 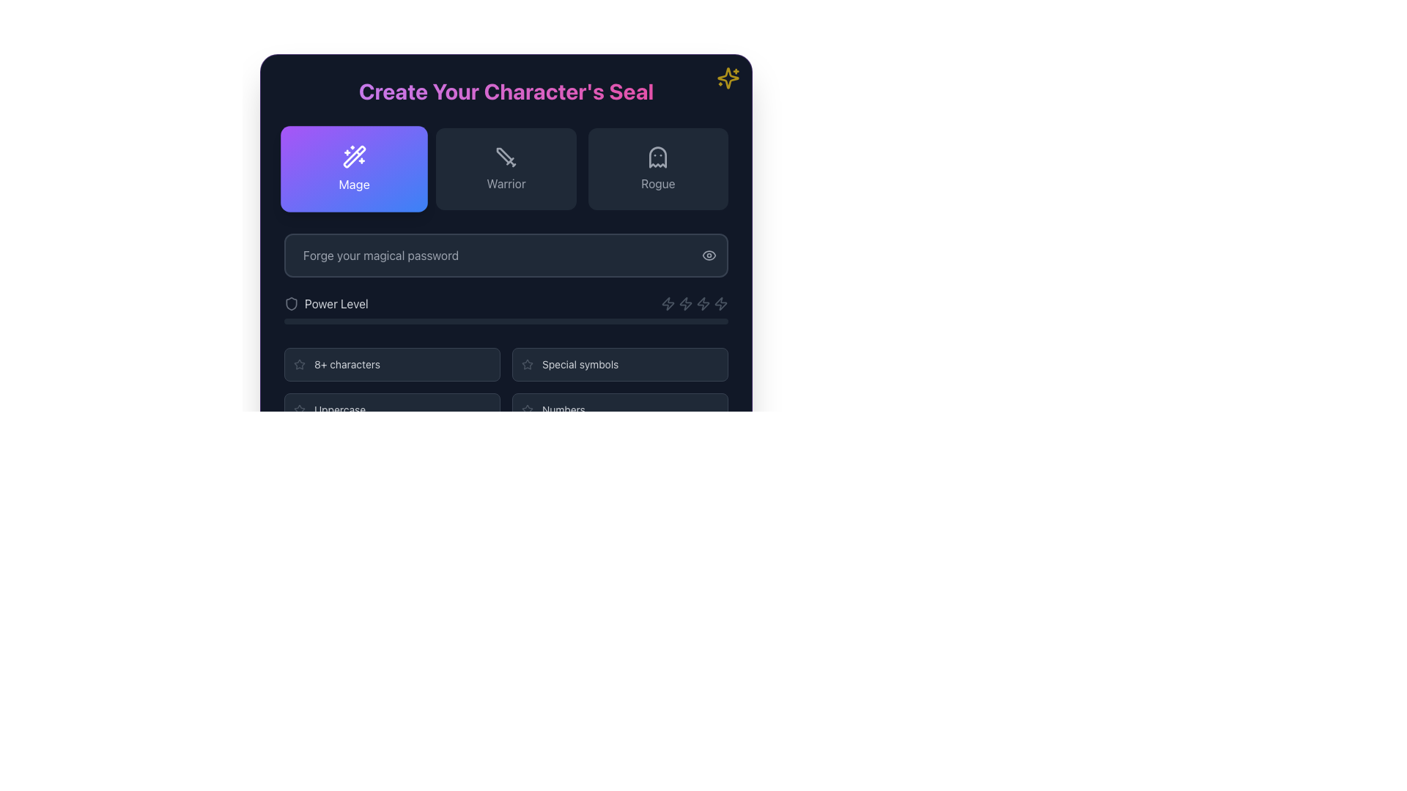 What do you see at coordinates (504, 155) in the screenshot?
I see `the graphical decoration of the sword icon representing the 'Warrior' button to trigger interaction effects` at bounding box center [504, 155].